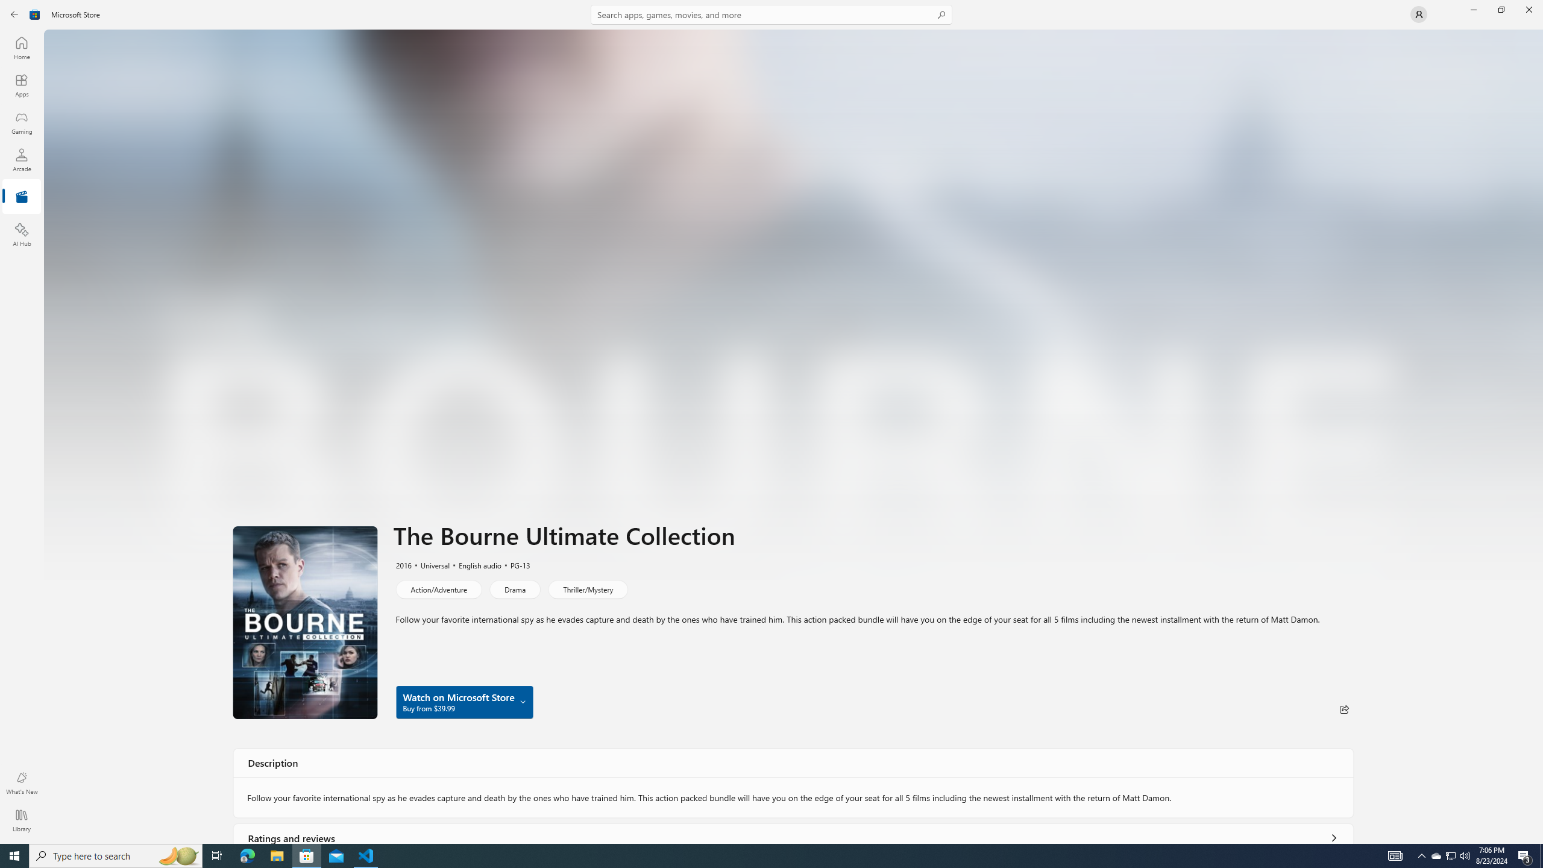  I want to click on 'Back', so click(14, 13).